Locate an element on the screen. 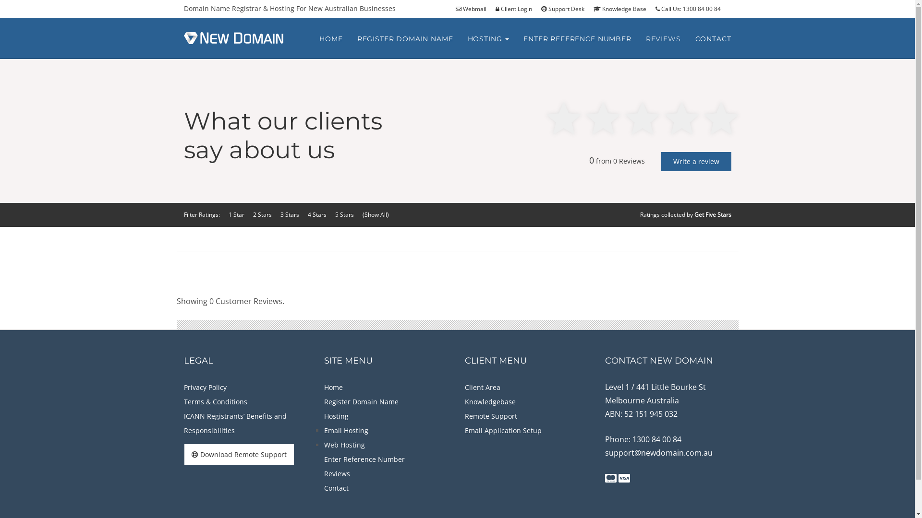 Image resolution: width=922 pixels, height=518 pixels. 'Enter Reference Number' is located at coordinates (324, 459).